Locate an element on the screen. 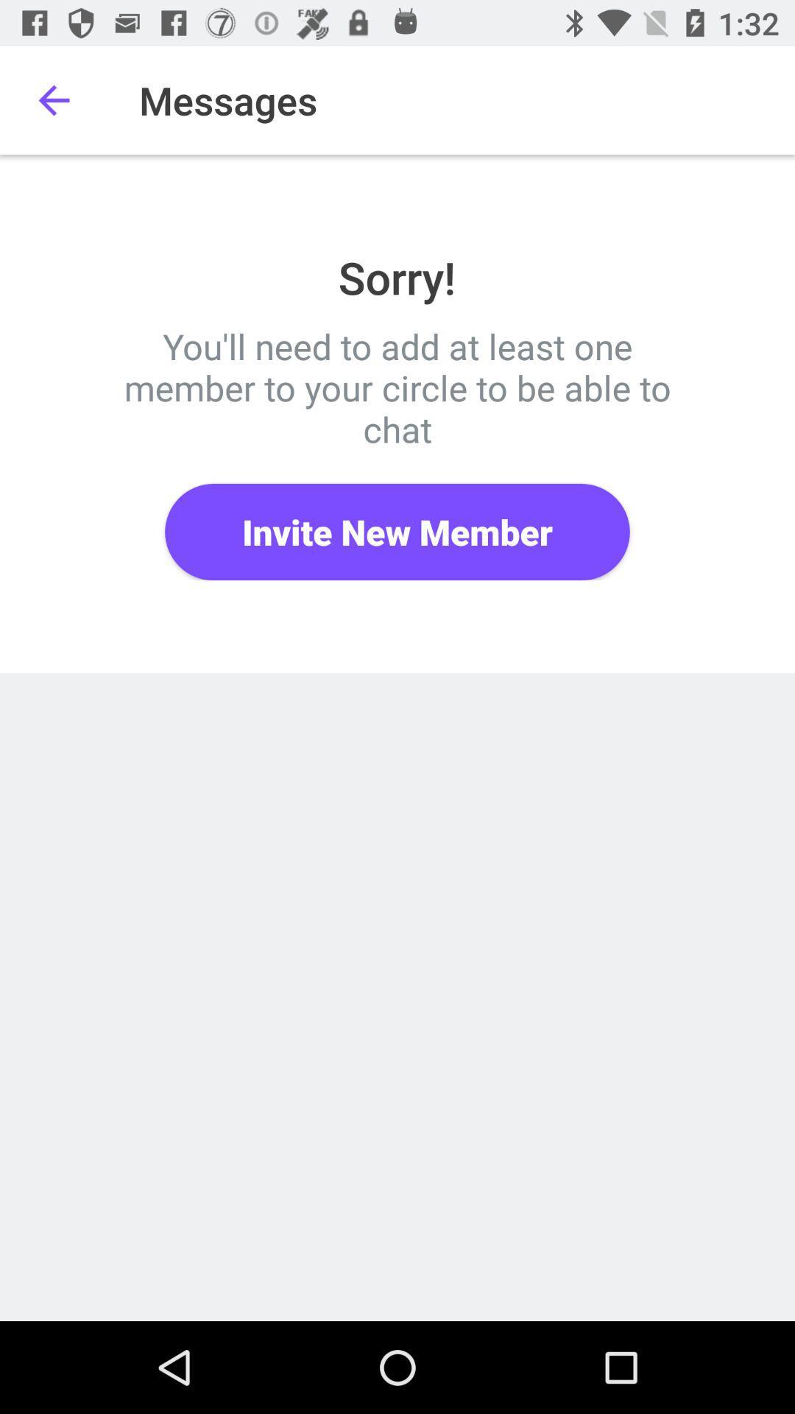 The width and height of the screenshot is (795, 1414). item next to the messages is located at coordinates (53, 99).